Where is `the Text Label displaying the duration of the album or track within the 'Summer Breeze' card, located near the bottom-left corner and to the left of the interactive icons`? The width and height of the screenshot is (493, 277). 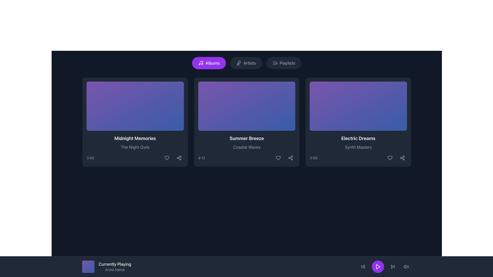
the Text Label displaying the duration of the album or track within the 'Summer Breeze' card, located near the bottom-left corner and to the left of the interactive icons is located at coordinates (201, 158).